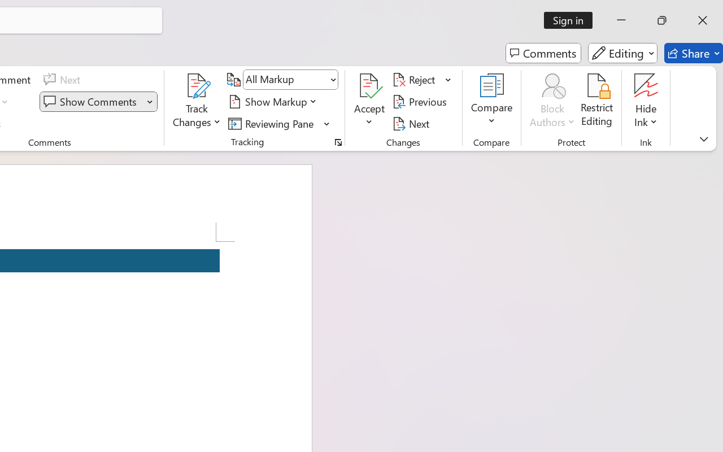  What do you see at coordinates (572, 20) in the screenshot?
I see `'Sign in'` at bounding box center [572, 20].